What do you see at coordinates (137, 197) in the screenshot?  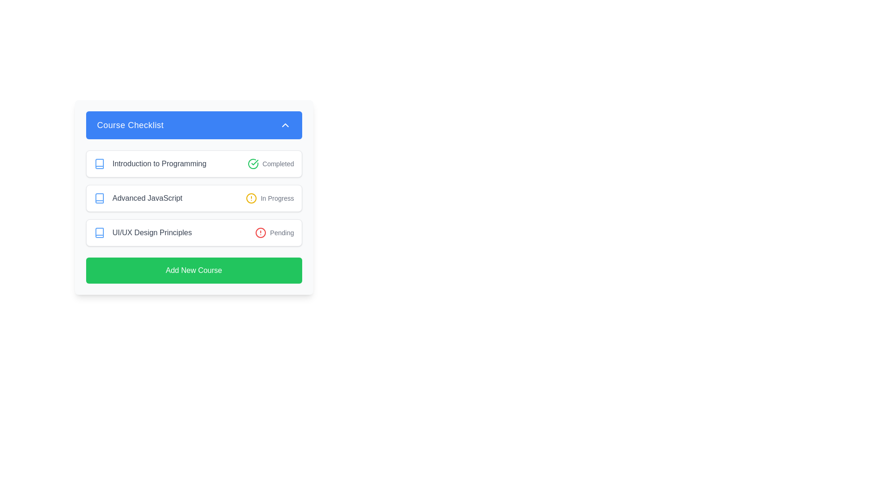 I see `text label that says 'Advanced JavaScript', which is styled in medium-weight dark gray font and is located in the second position of a vertical checklist in a card layout` at bounding box center [137, 197].